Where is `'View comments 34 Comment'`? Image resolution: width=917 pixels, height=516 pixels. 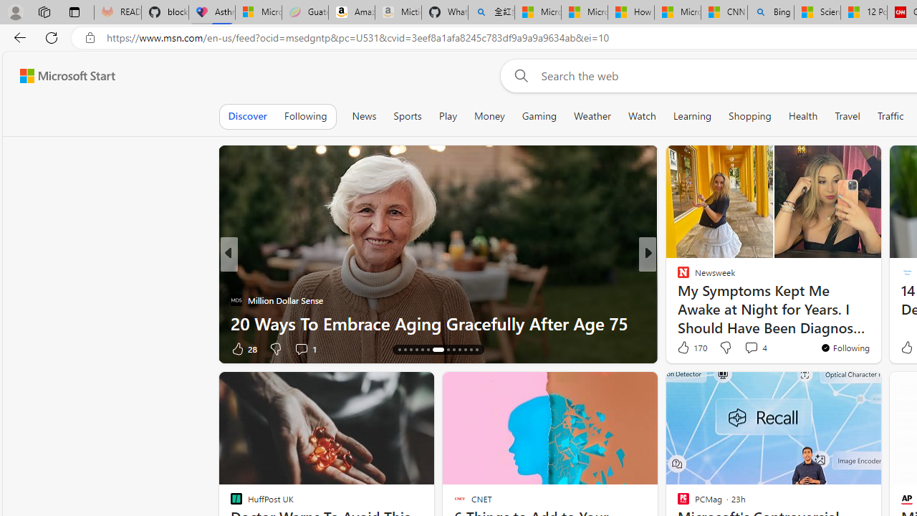 'View comments 34 Comment' is located at coordinates (746, 348).